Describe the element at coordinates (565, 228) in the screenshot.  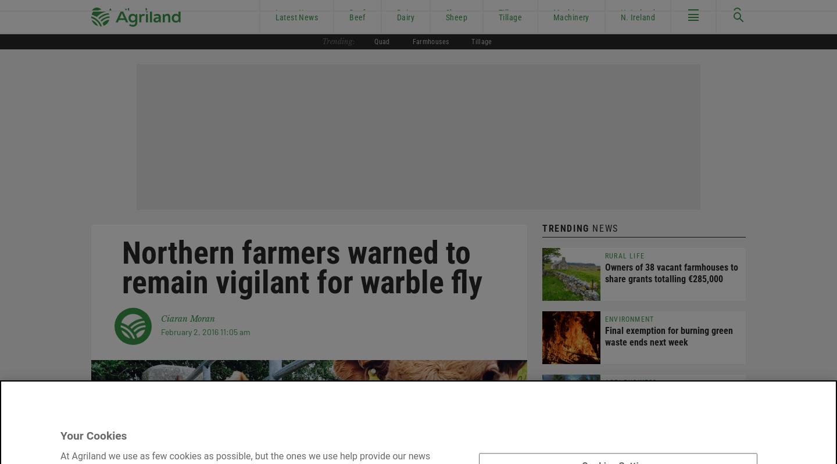
I see `'Trending'` at that location.